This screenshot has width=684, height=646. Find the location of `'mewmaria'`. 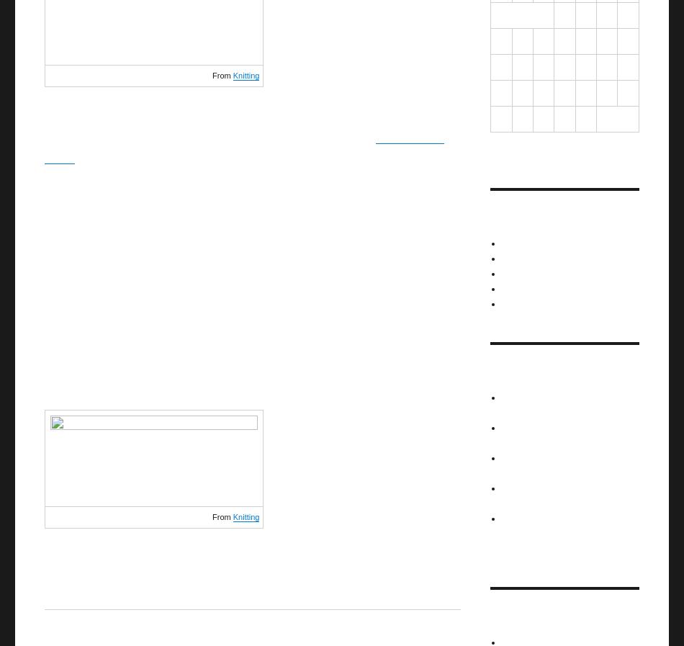

'mewmaria' is located at coordinates (502, 427).